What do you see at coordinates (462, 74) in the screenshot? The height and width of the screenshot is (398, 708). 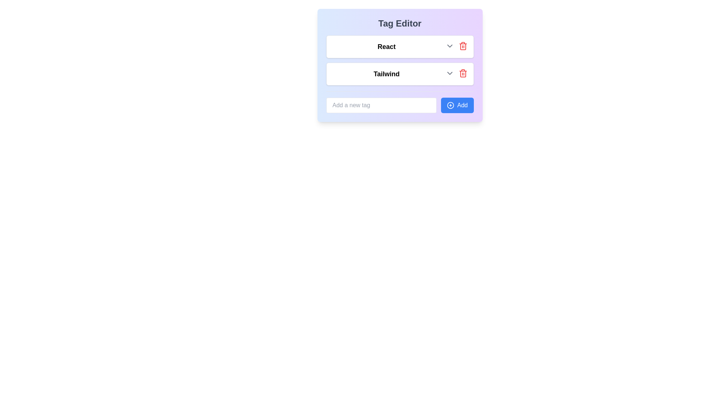 I see `the red trash bin icon button located in the top-right corner of the 'Tailwind' tag entry` at bounding box center [462, 74].